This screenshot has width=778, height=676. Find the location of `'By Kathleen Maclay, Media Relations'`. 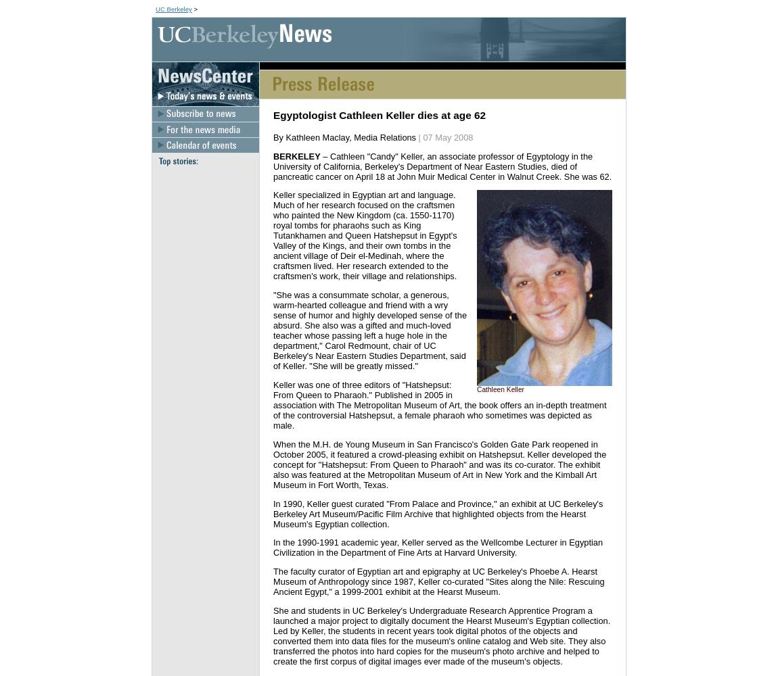

'By Kathleen Maclay, Media Relations' is located at coordinates (345, 136).